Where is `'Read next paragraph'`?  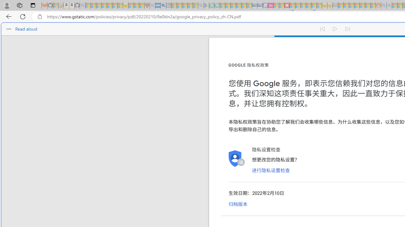 'Read next paragraph' is located at coordinates (347, 29).